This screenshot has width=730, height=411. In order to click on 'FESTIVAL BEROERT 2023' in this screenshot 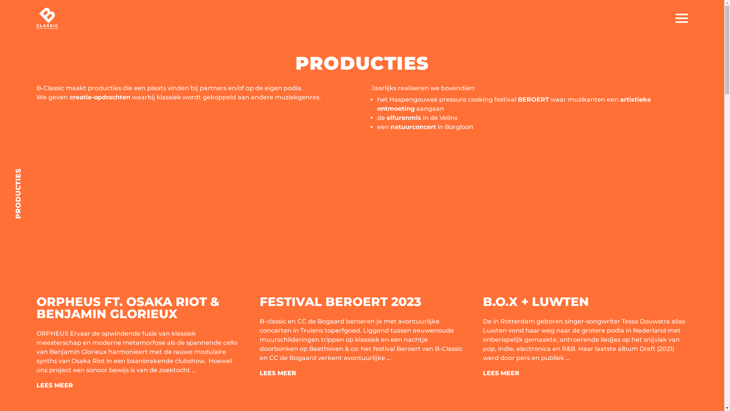, I will do `click(340, 301)`.